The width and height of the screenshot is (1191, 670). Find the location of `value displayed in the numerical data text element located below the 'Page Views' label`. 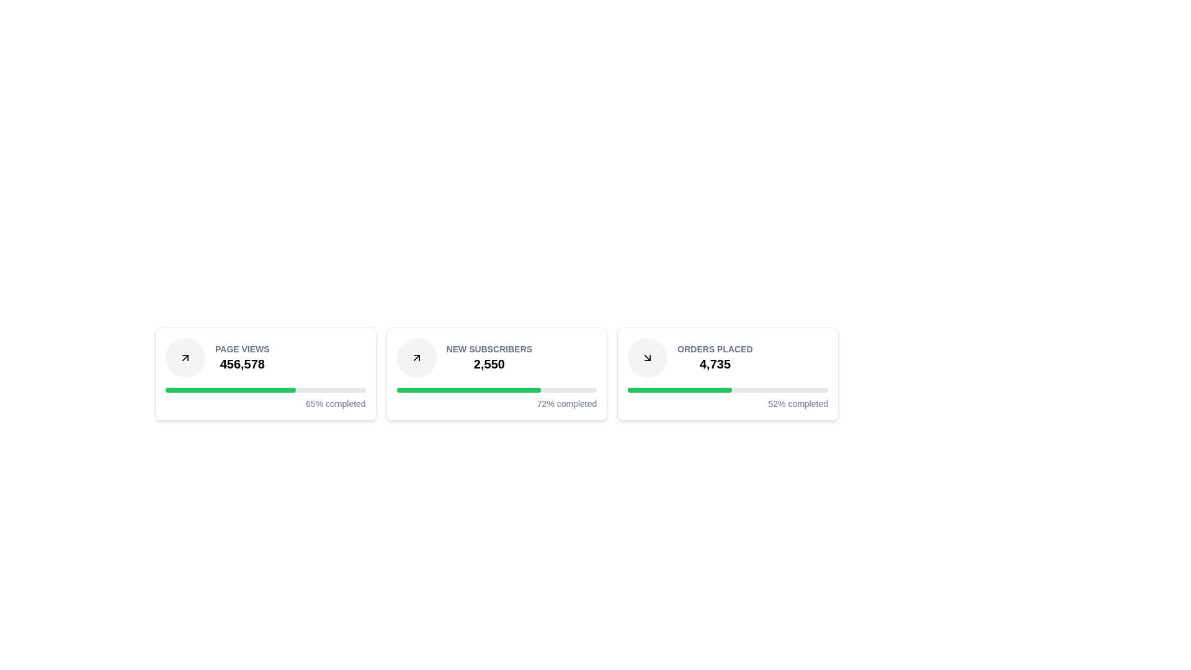

value displayed in the numerical data text element located below the 'Page Views' label is located at coordinates (242, 363).